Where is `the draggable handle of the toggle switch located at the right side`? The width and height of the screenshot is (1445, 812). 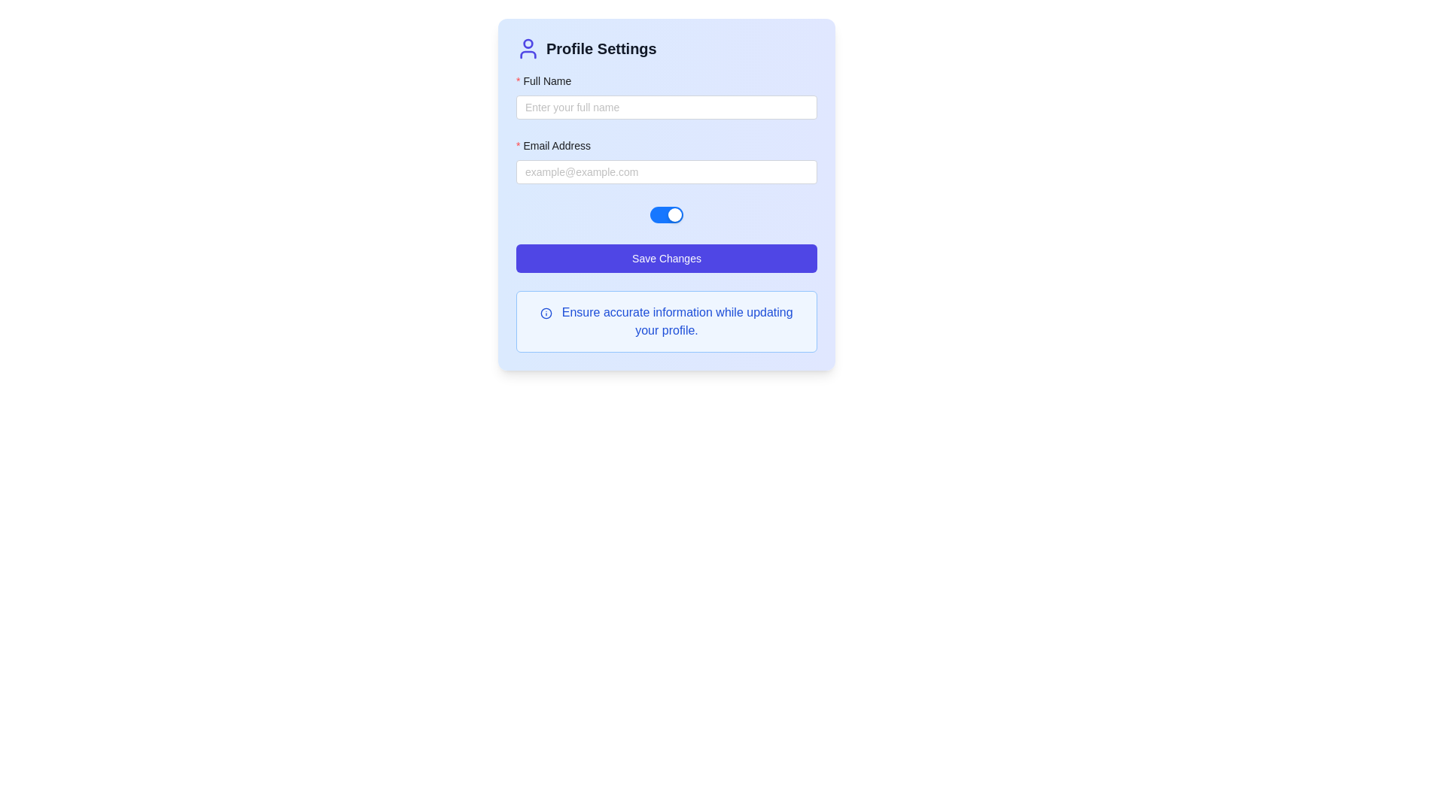
the draggable handle of the toggle switch located at the right side is located at coordinates (674, 214).